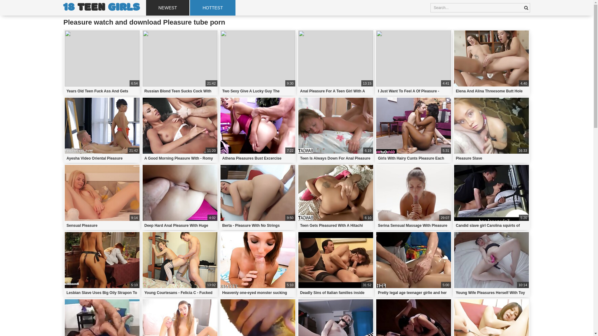  I want to click on 'HOTTEST', so click(189, 7).